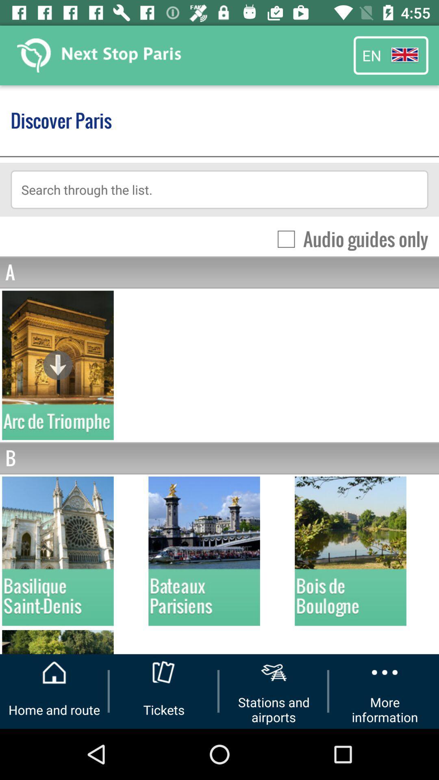 This screenshot has width=439, height=780. What do you see at coordinates (219, 189) in the screenshot?
I see `icon above the audio guides only` at bounding box center [219, 189].